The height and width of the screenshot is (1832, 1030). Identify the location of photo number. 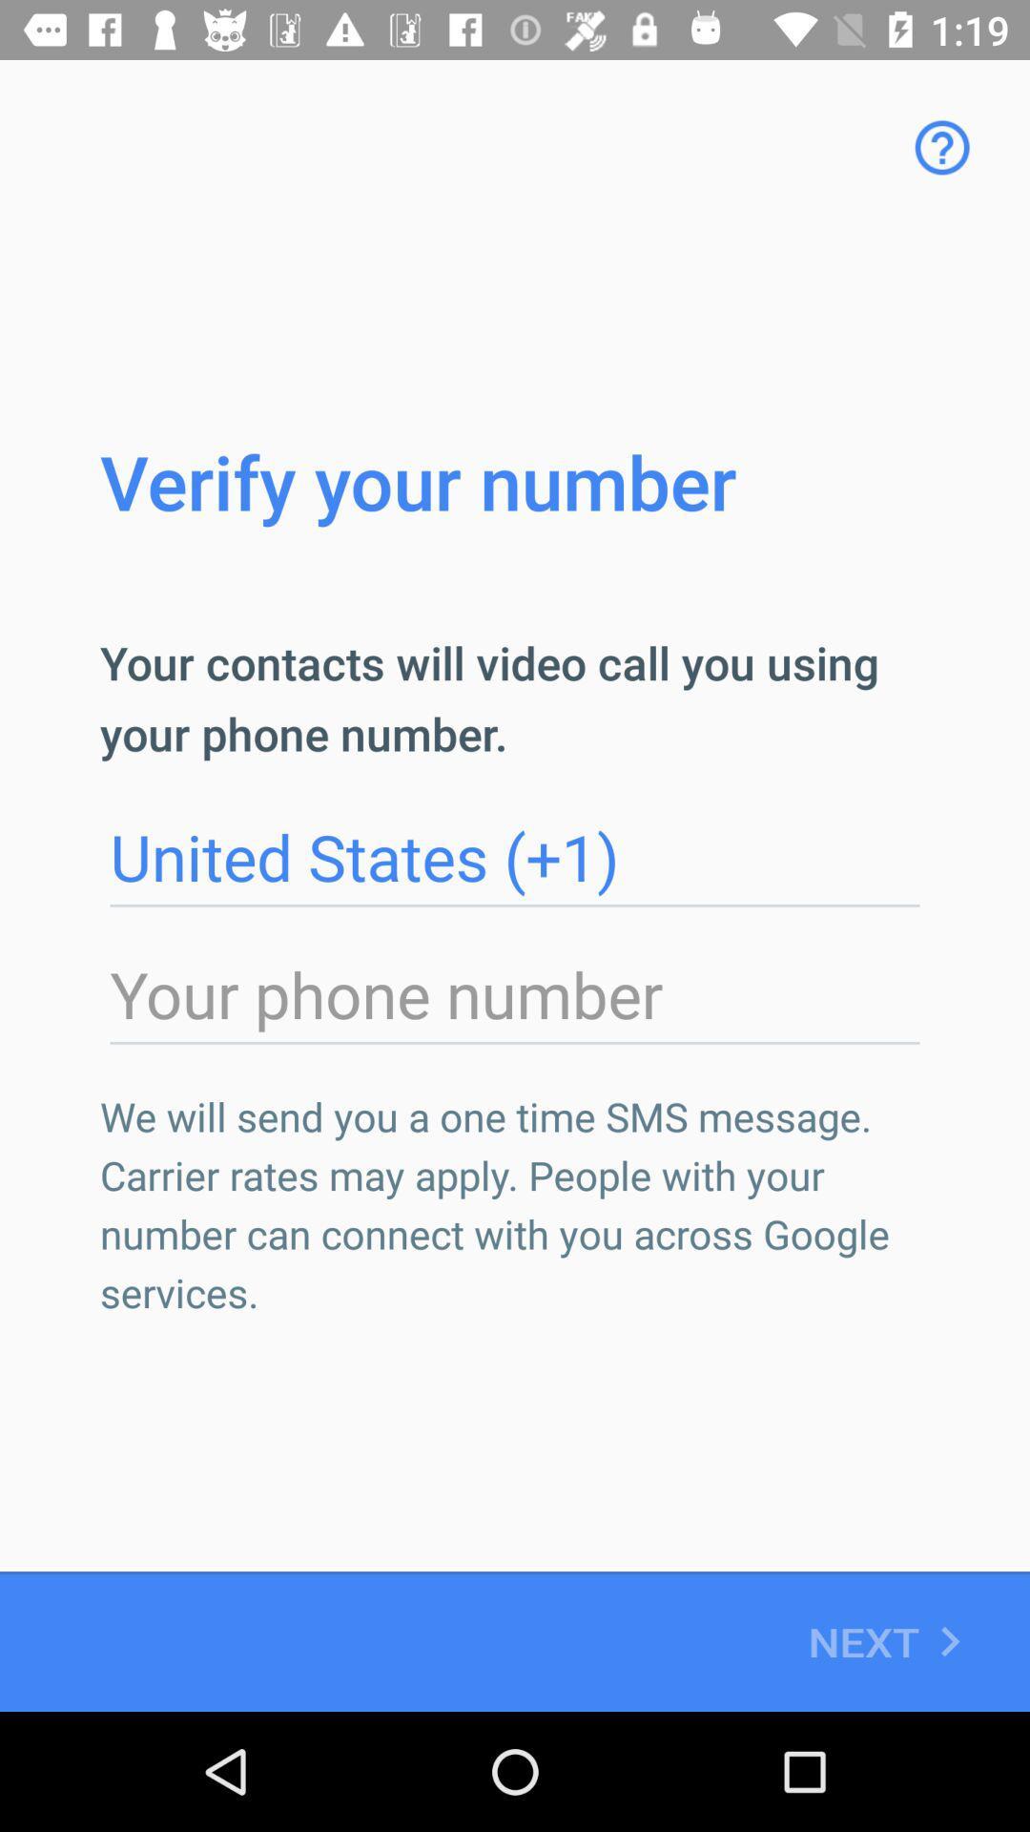
(515, 994).